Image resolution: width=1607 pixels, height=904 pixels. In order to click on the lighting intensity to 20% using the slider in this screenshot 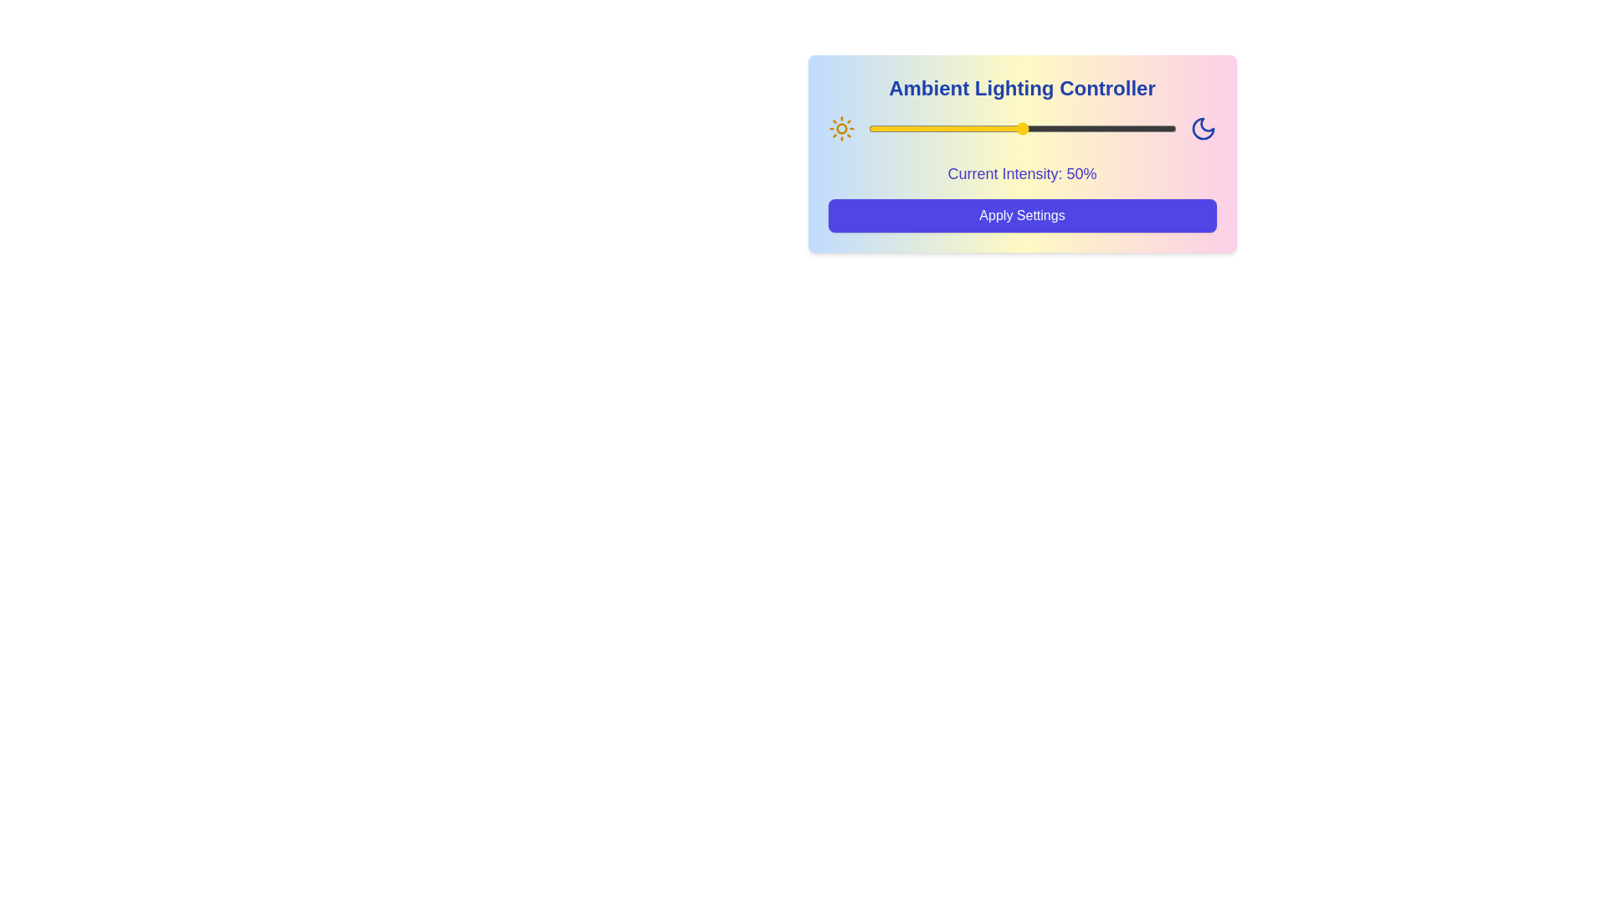, I will do `click(929, 128)`.